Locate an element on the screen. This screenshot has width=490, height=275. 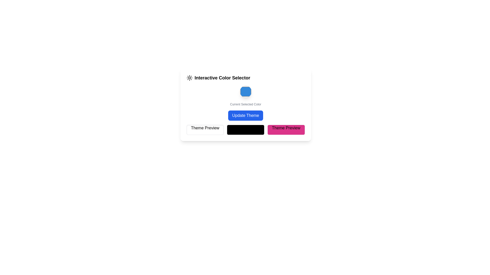
the rectangular button with a solid blue background and white text reading 'Update Theme' is located at coordinates (246, 116).